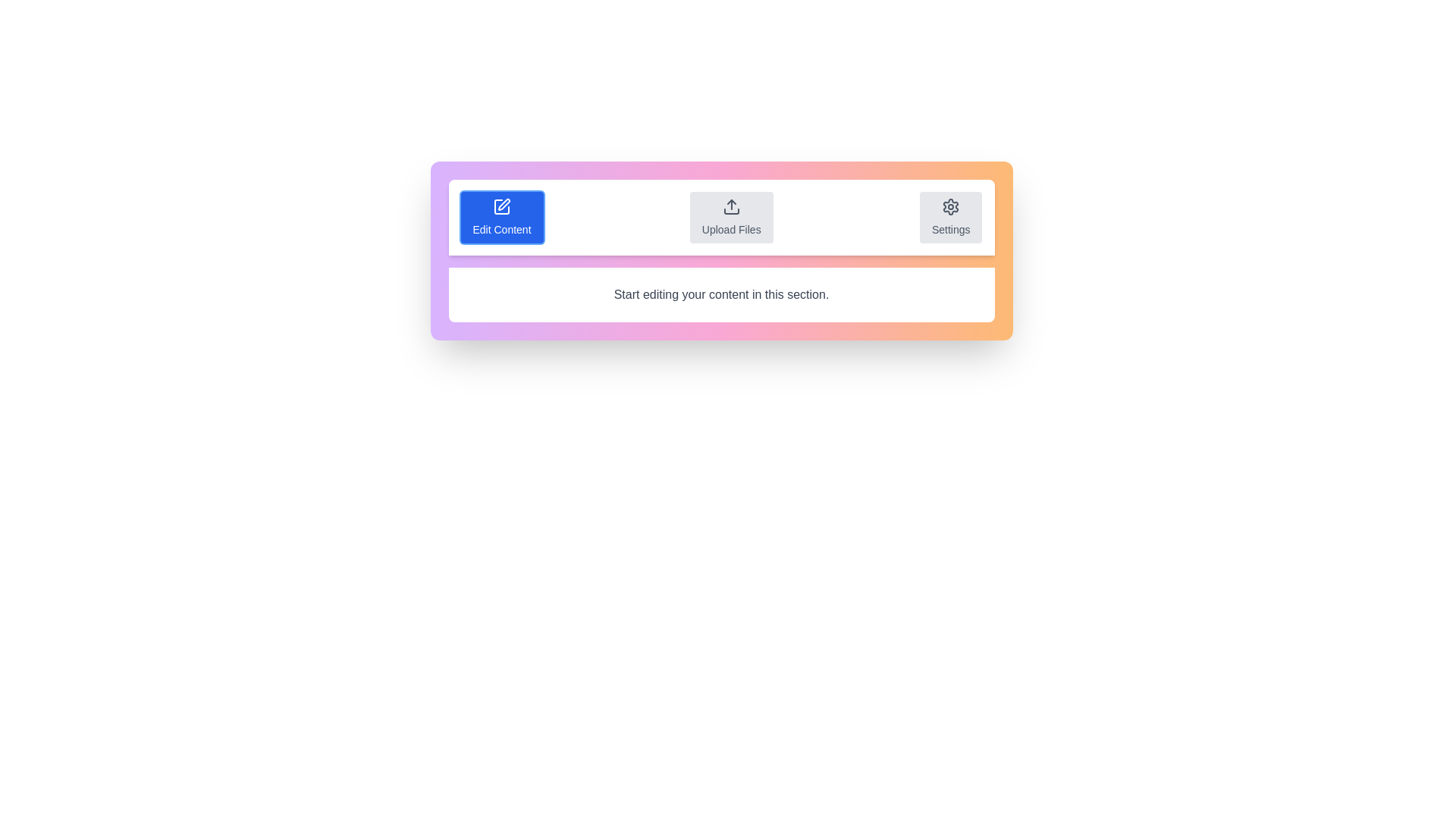  I want to click on the 'Upload Files' button, which is a rectangular button with a light gray background, rounded corners, and contains an upward arrow icon above the text label 'Upload Files'. This button is the second in a series of three horizontally aligned buttons, positioned to the right of the 'Edit Content' button and to the left of the 'Settings' button, so click(731, 217).